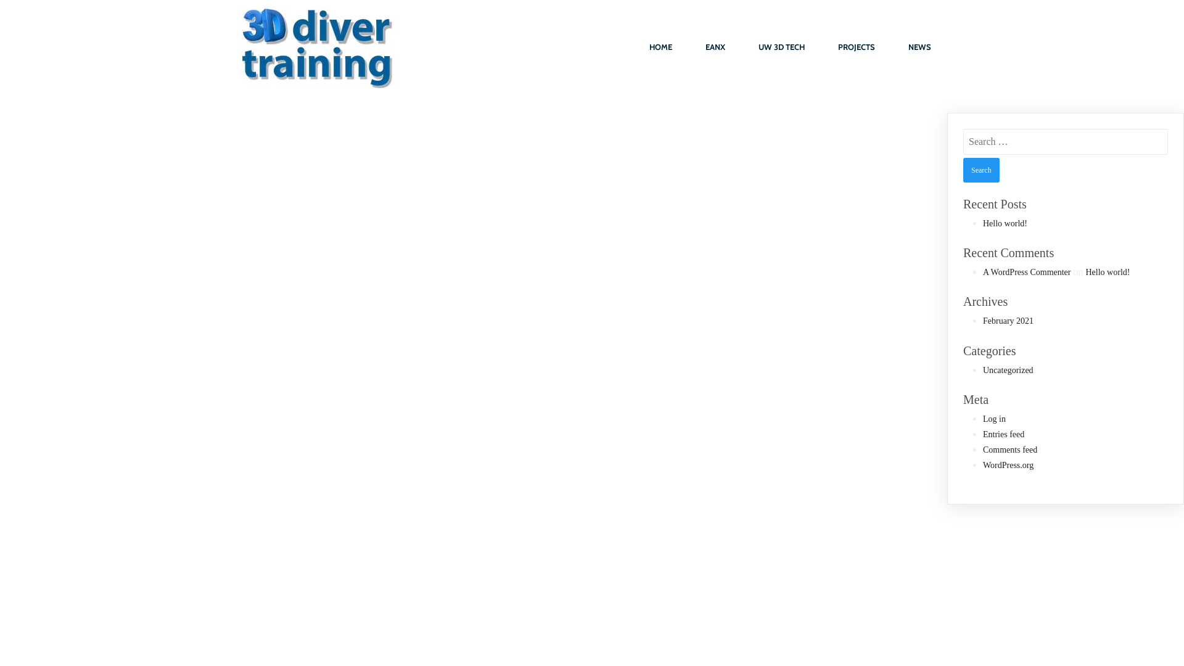 This screenshot has width=1184, height=666. Describe the element at coordinates (994, 418) in the screenshot. I see `'Log in'` at that location.